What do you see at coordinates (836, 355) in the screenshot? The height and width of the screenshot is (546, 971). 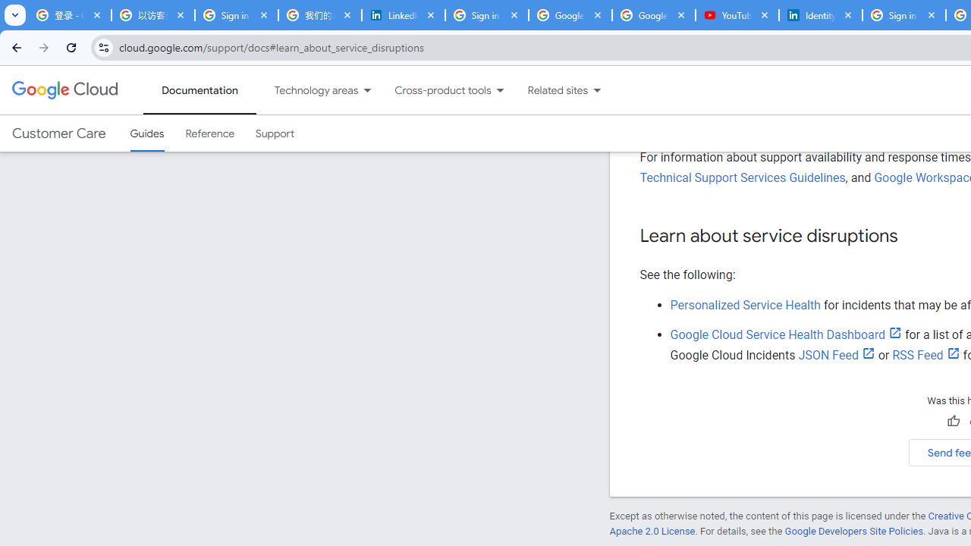 I see `'JSON Feed'` at bounding box center [836, 355].